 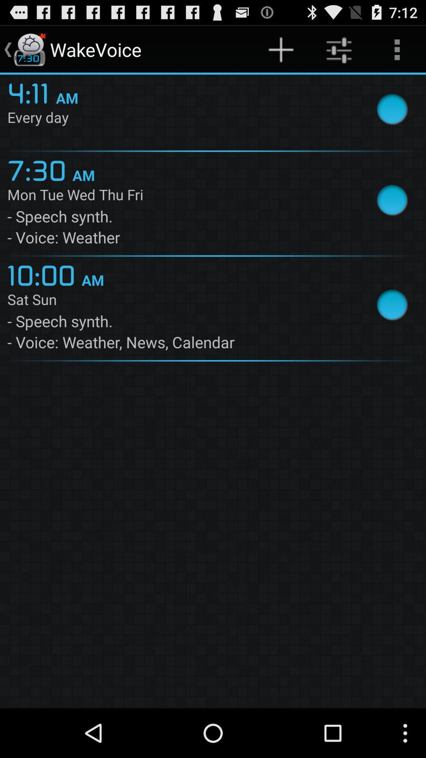 What do you see at coordinates (31, 92) in the screenshot?
I see `icon to the left of the am` at bounding box center [31, 92].